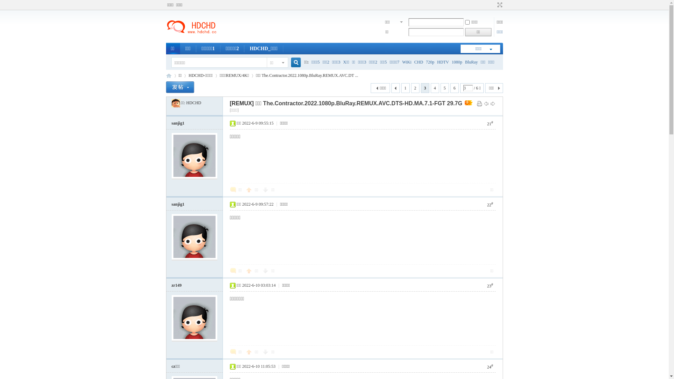 Image resolution: width=674 pixels, height=379 pixels. I want to click on '21#', so click(489, 123).